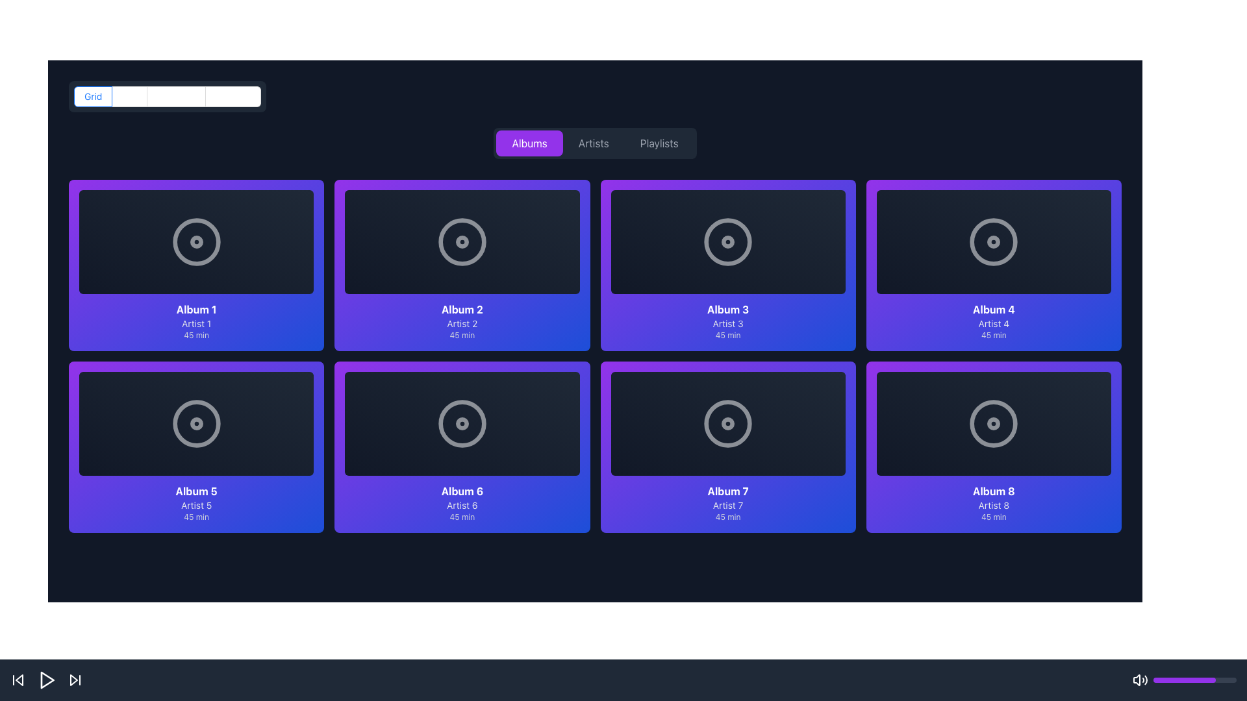  Describe the element at coordinates (47, 680) in the screenshot. I see `the triangular play icon button located near the bottom left corner of the interface, specifically within the dark horizontal control bar, to play media content` at that location.